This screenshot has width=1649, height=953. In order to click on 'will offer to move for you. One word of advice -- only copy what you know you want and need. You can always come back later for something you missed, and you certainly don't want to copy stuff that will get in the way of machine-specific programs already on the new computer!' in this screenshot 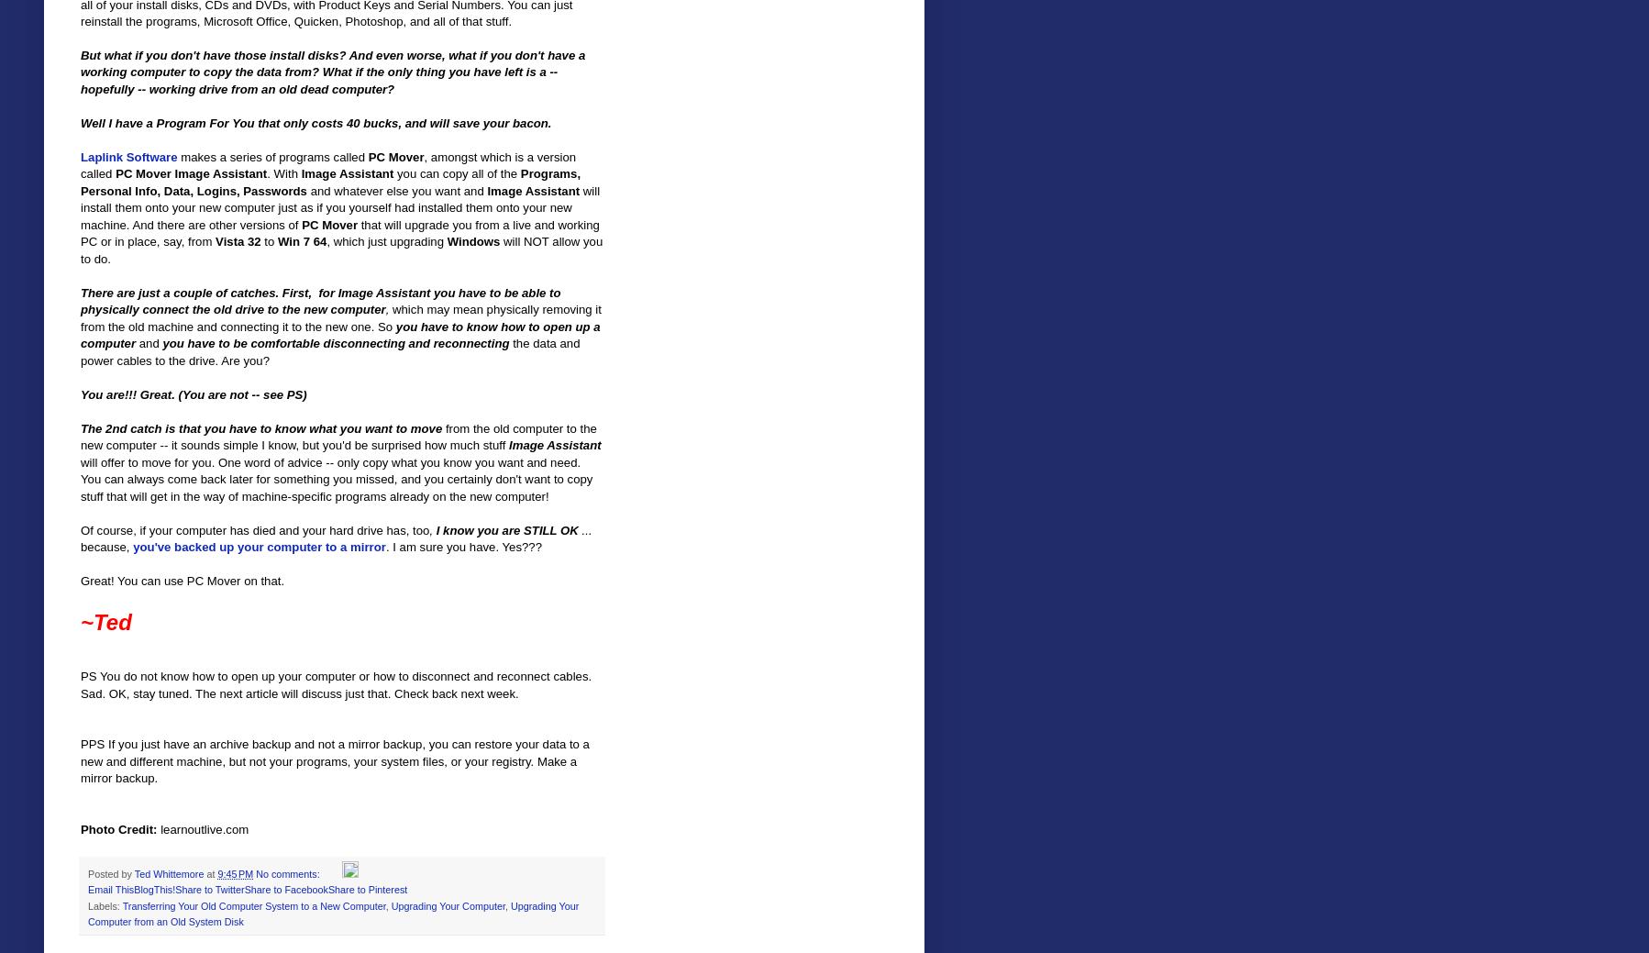, I will do `click(335, 478)`.